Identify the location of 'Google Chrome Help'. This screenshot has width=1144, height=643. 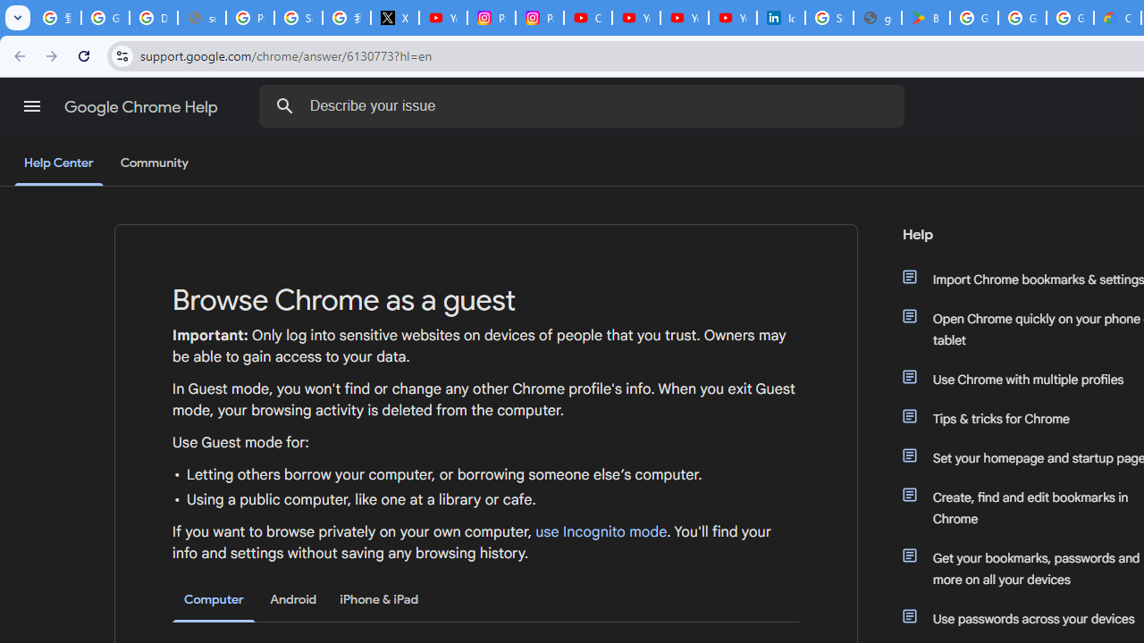
(143, 106).